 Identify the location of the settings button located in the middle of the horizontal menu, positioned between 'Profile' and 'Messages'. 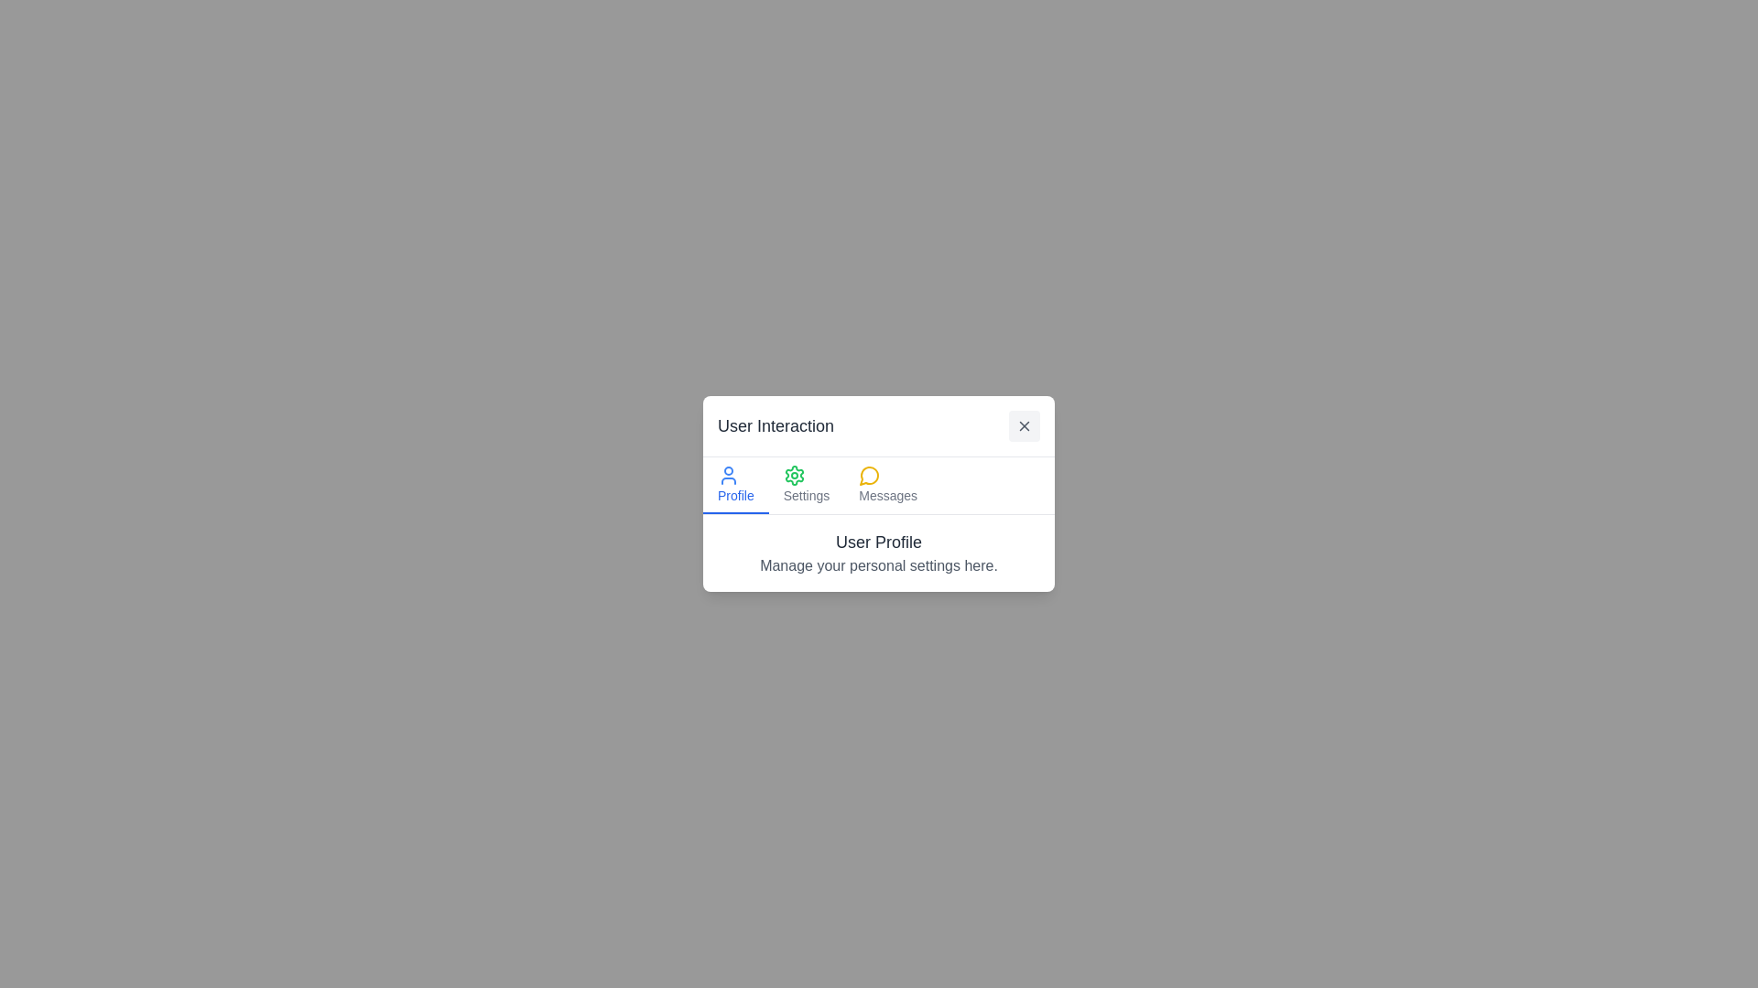
(806, 485).